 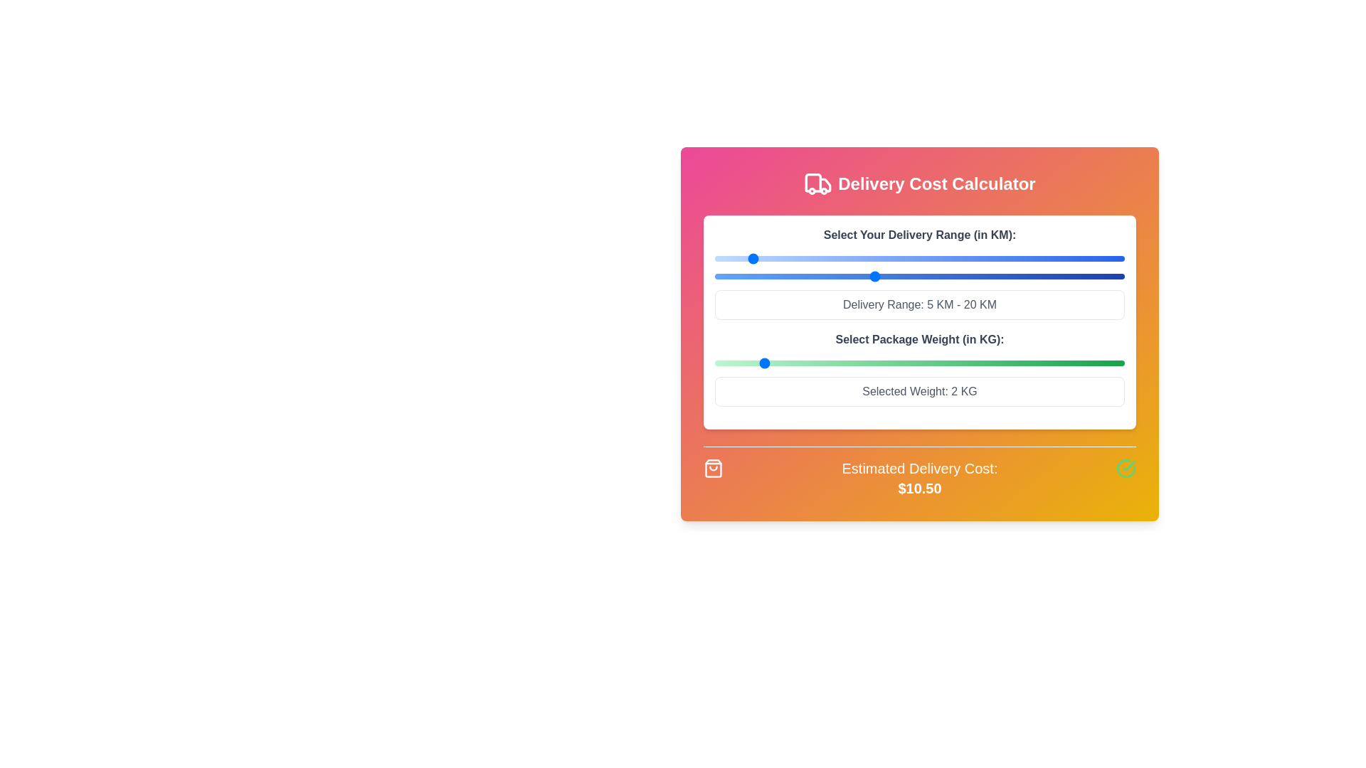 What do you see at coordinates (919, 273) in the screenshot?
I see `the dual sliders of the Range selector widget located in the upper portion of the card` at bounding box center [919, 273].